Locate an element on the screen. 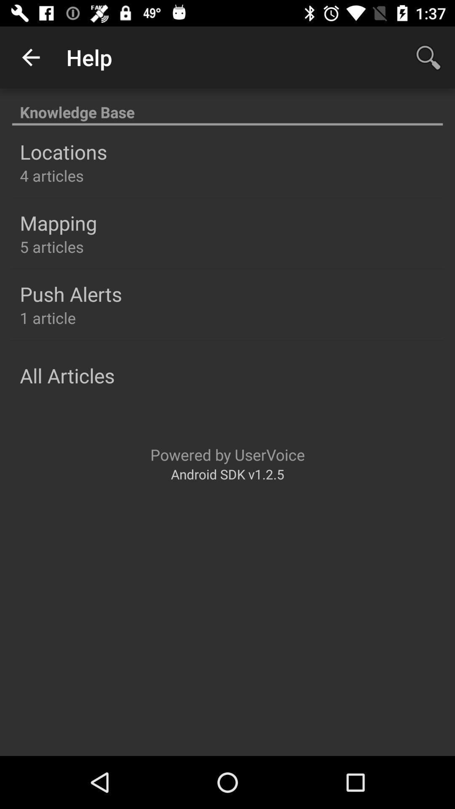  the 5 articles is located at coordinates (52, 246).